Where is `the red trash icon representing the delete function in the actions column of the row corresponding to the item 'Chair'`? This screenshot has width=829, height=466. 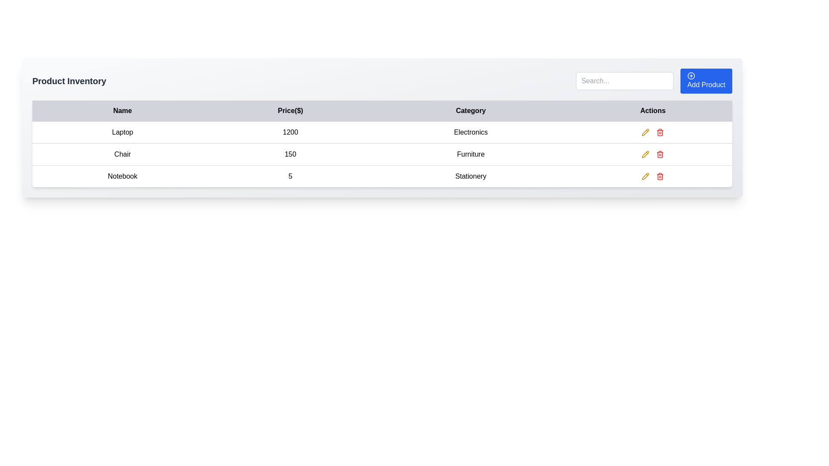 the red trash icon representing the delete function in the actions column of the row corresponding to the item 'Chair' is located at coordinates (660, 132).